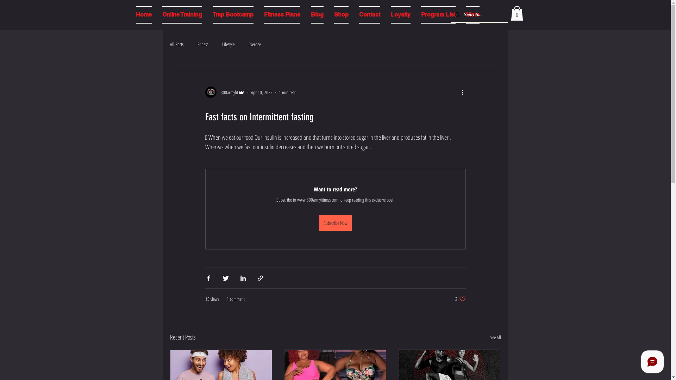 The image size is (676, 380). What do you see at coordinates (317, 15) in the screenshot?
I see `'Blog'` at bounding box center [317, 15].